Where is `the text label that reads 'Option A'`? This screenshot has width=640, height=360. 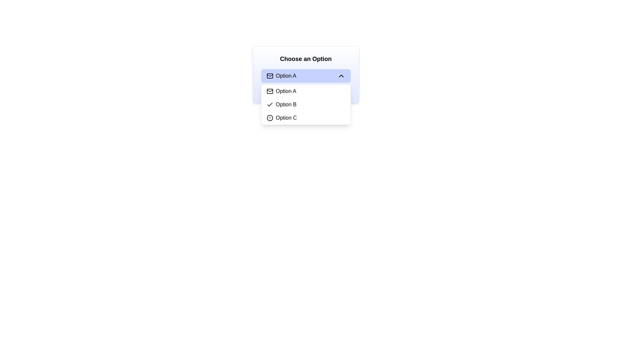 the text label that reads 'Option A' is located at coordinates (286, 91).